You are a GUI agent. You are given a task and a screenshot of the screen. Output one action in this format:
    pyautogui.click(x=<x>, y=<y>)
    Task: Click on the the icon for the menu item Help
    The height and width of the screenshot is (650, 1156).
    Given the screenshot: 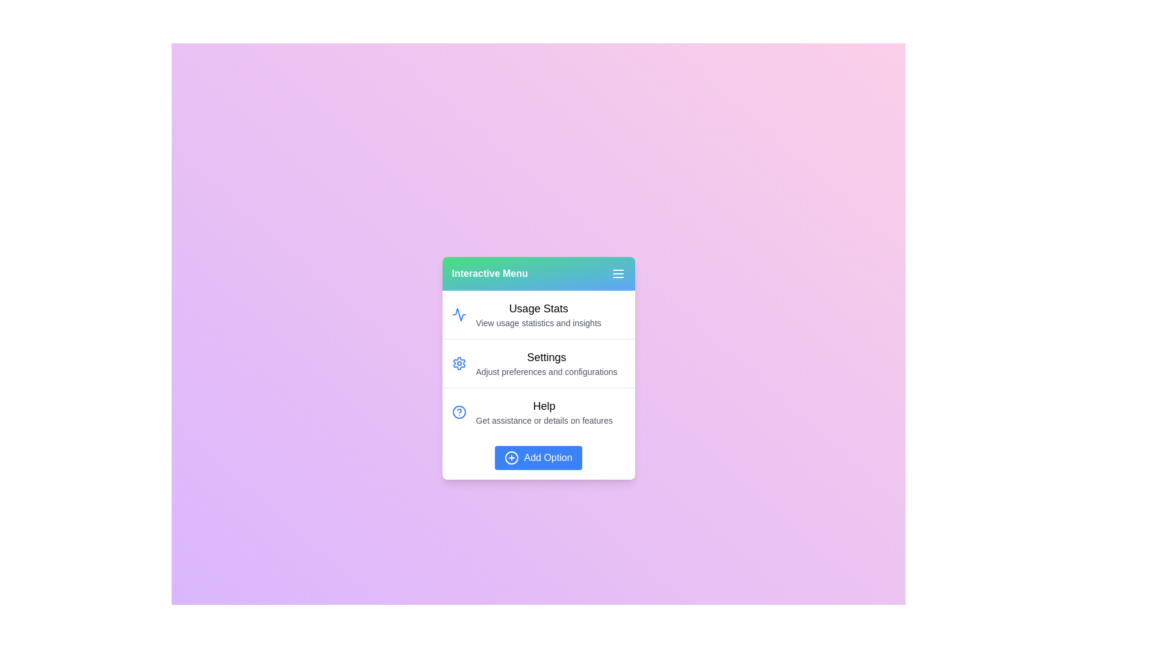 What is the action you would take?
    pyautogui.click(x=458, y=412)
    